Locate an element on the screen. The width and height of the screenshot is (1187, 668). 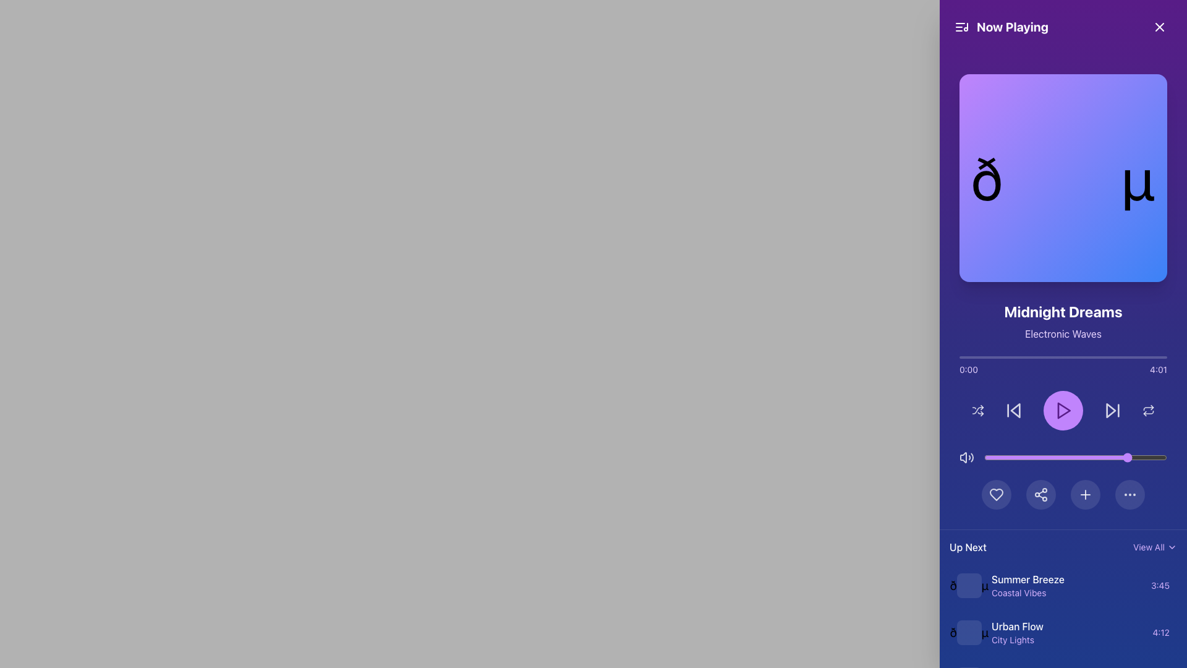
the heart-shaped button located in the control section at the bottom of the music interface to like or favorite the track is located at coordinates (997, 494).